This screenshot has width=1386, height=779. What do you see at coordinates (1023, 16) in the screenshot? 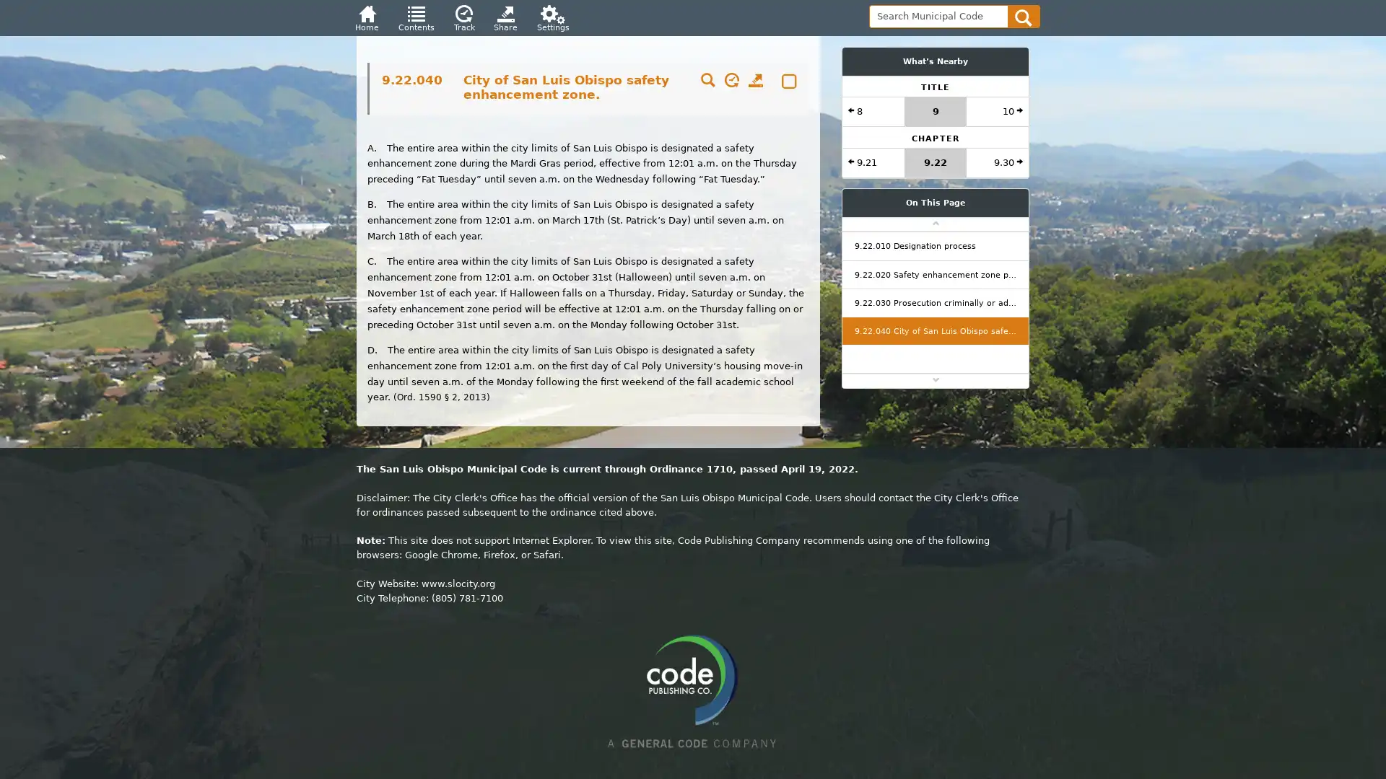
I see `Search the Municipal Code for the term(s) you entered.` at bounding box center [1023, 16].